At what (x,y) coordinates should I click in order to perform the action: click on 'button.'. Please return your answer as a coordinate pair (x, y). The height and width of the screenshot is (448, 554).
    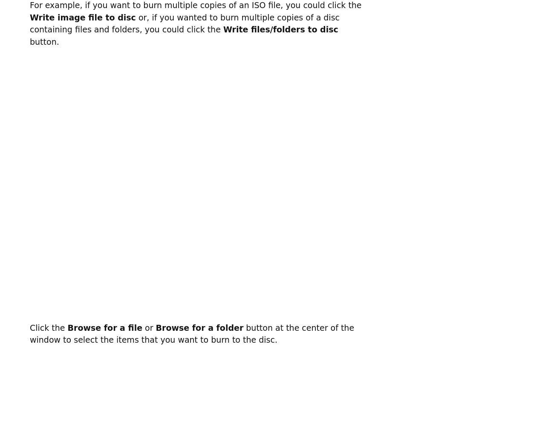
    Looking at the image, I should click on (44, 41).